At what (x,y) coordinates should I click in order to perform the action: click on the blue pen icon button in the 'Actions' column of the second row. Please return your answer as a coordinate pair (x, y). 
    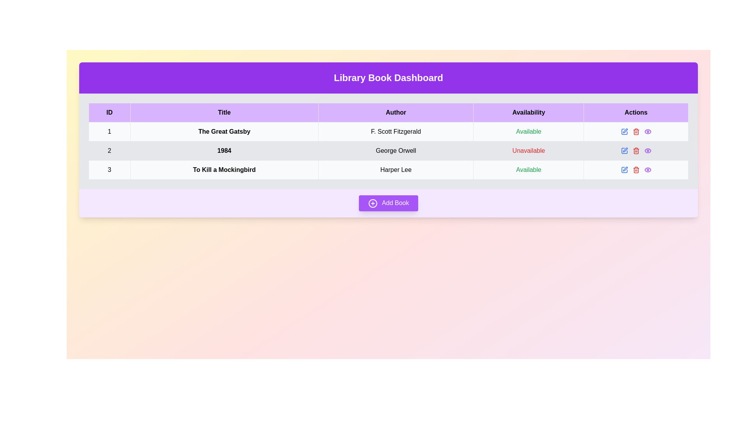
    Looking at the image, I should click on (624, 131).